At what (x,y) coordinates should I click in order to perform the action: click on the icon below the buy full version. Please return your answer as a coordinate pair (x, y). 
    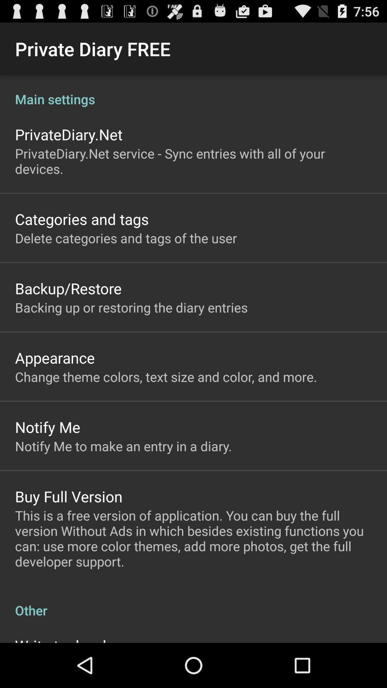
    Looking at the image, I should click on (193, 538).